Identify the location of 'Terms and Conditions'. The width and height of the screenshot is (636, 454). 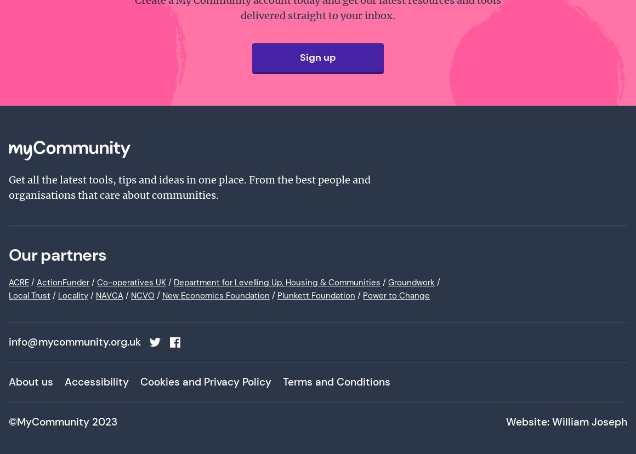
(336, 382).